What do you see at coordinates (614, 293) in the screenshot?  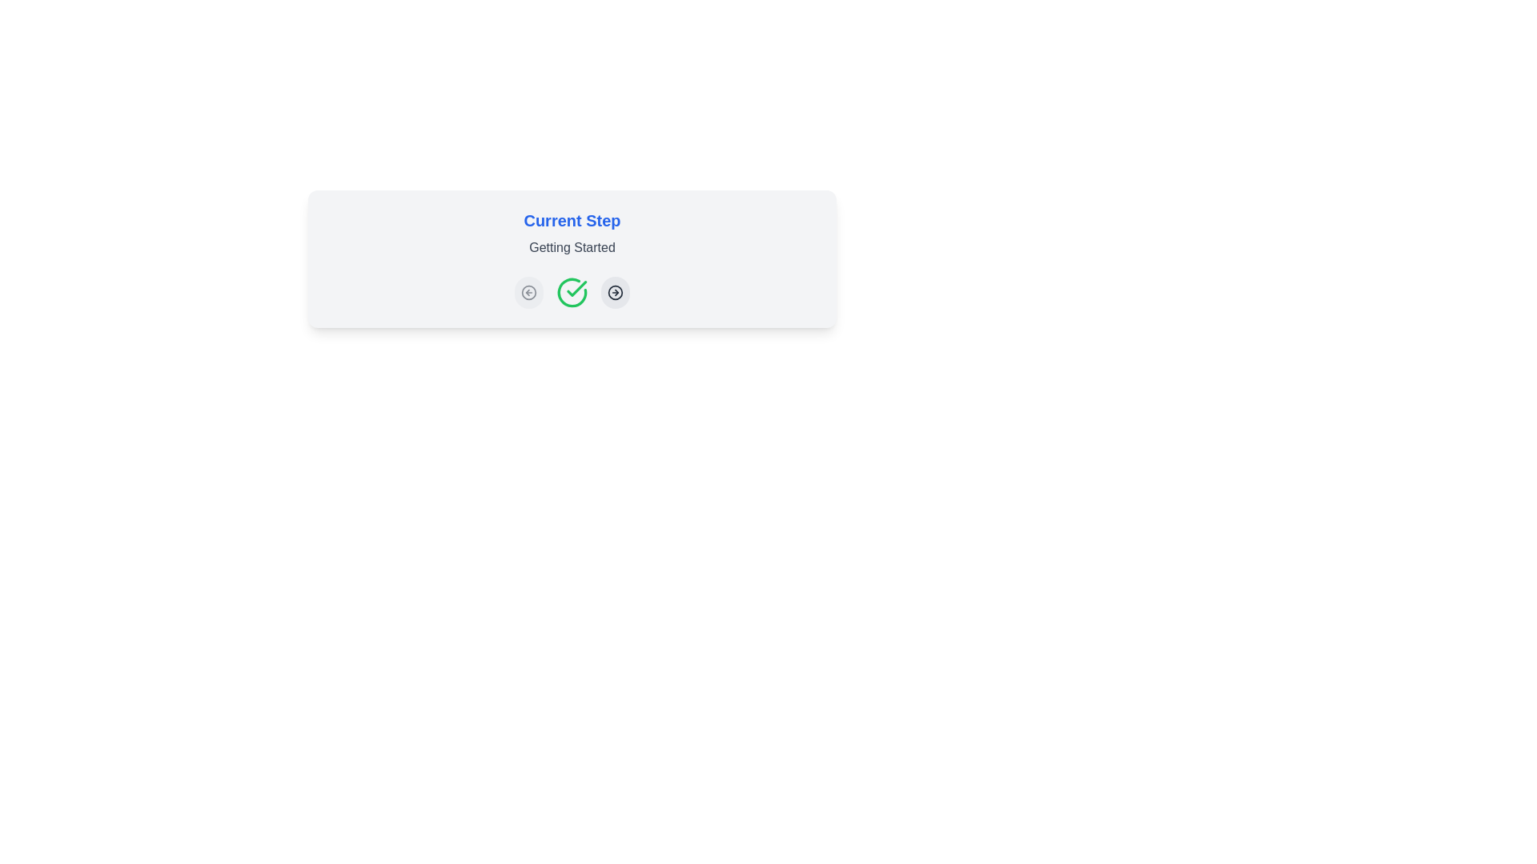 I see `the 'Next' or 'Proceed' button located as the third button from the left in the horizontal group of buttons, positioned towards the center bottom of the panel` at bounding box center [614, 293].